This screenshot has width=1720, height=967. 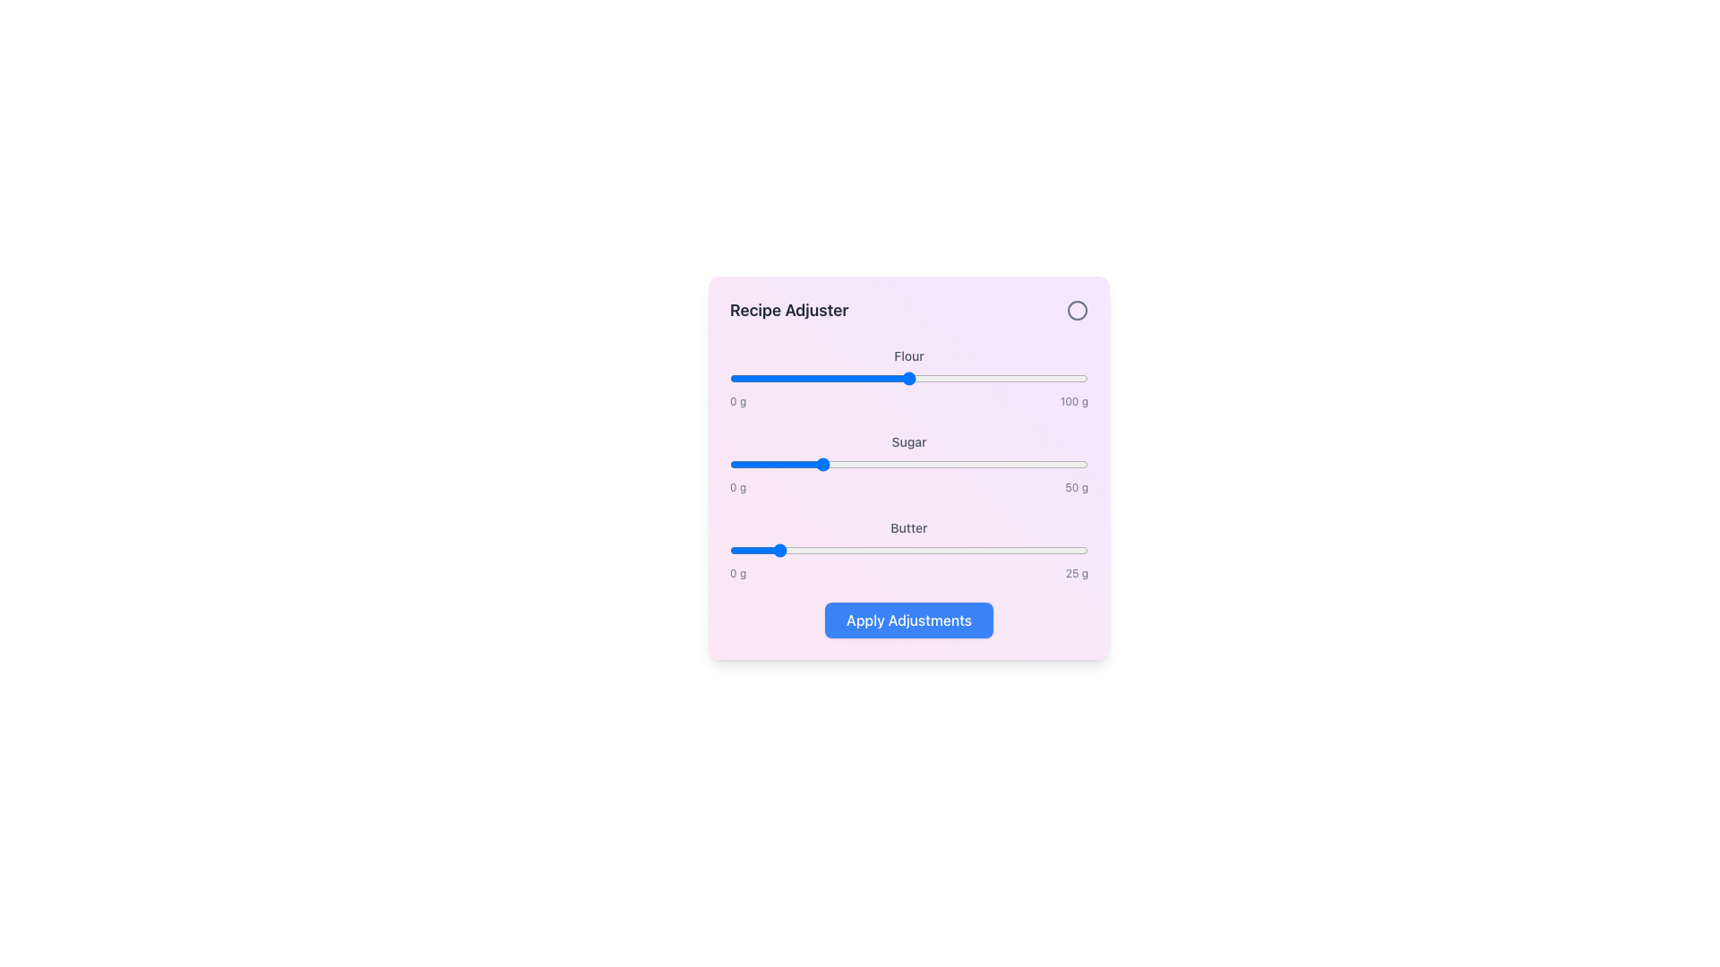 What do you see at coordinates (788, 310) in the screenshot?
I see `the static text label that serves as the title or header for the interface, indicating the purpose of the adjustment panel below` at bounding box center [788, 310].